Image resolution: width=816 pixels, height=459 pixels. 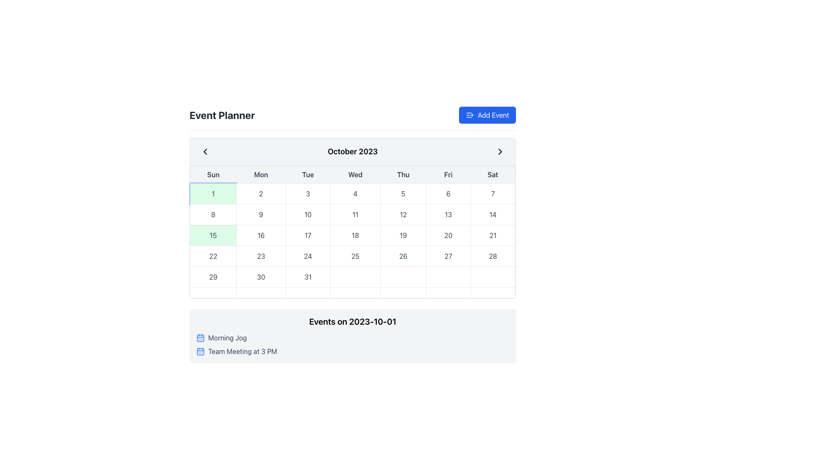 I want to click on the clickable calendar day cell representing the 31st day of October 2023, located in the last row of the calendar grid, specifically in the third column from the left, so click(x=307, y=277).